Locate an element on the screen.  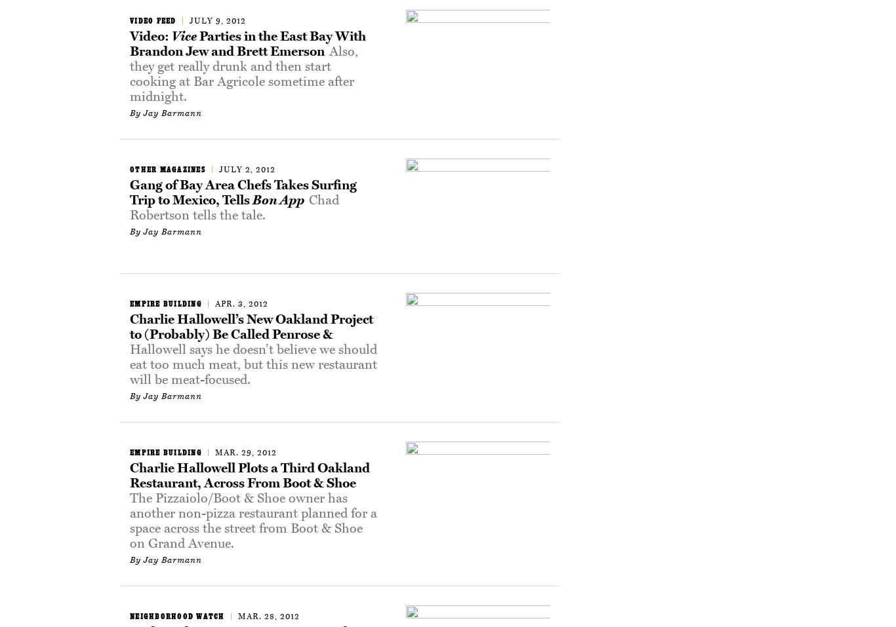
'Mar. 29, 2012' is located at coordinates (214, 451).